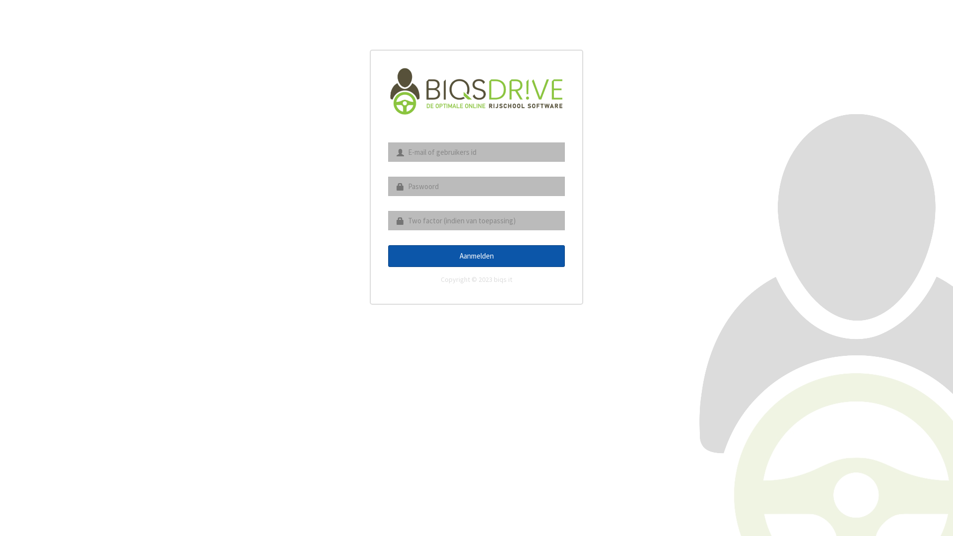 Image resolution: width=953 pixels, height=536 pixels. Describe the element at coordinates (476, 255) in the screenshot. I see `'Aanmelden'` at that location.